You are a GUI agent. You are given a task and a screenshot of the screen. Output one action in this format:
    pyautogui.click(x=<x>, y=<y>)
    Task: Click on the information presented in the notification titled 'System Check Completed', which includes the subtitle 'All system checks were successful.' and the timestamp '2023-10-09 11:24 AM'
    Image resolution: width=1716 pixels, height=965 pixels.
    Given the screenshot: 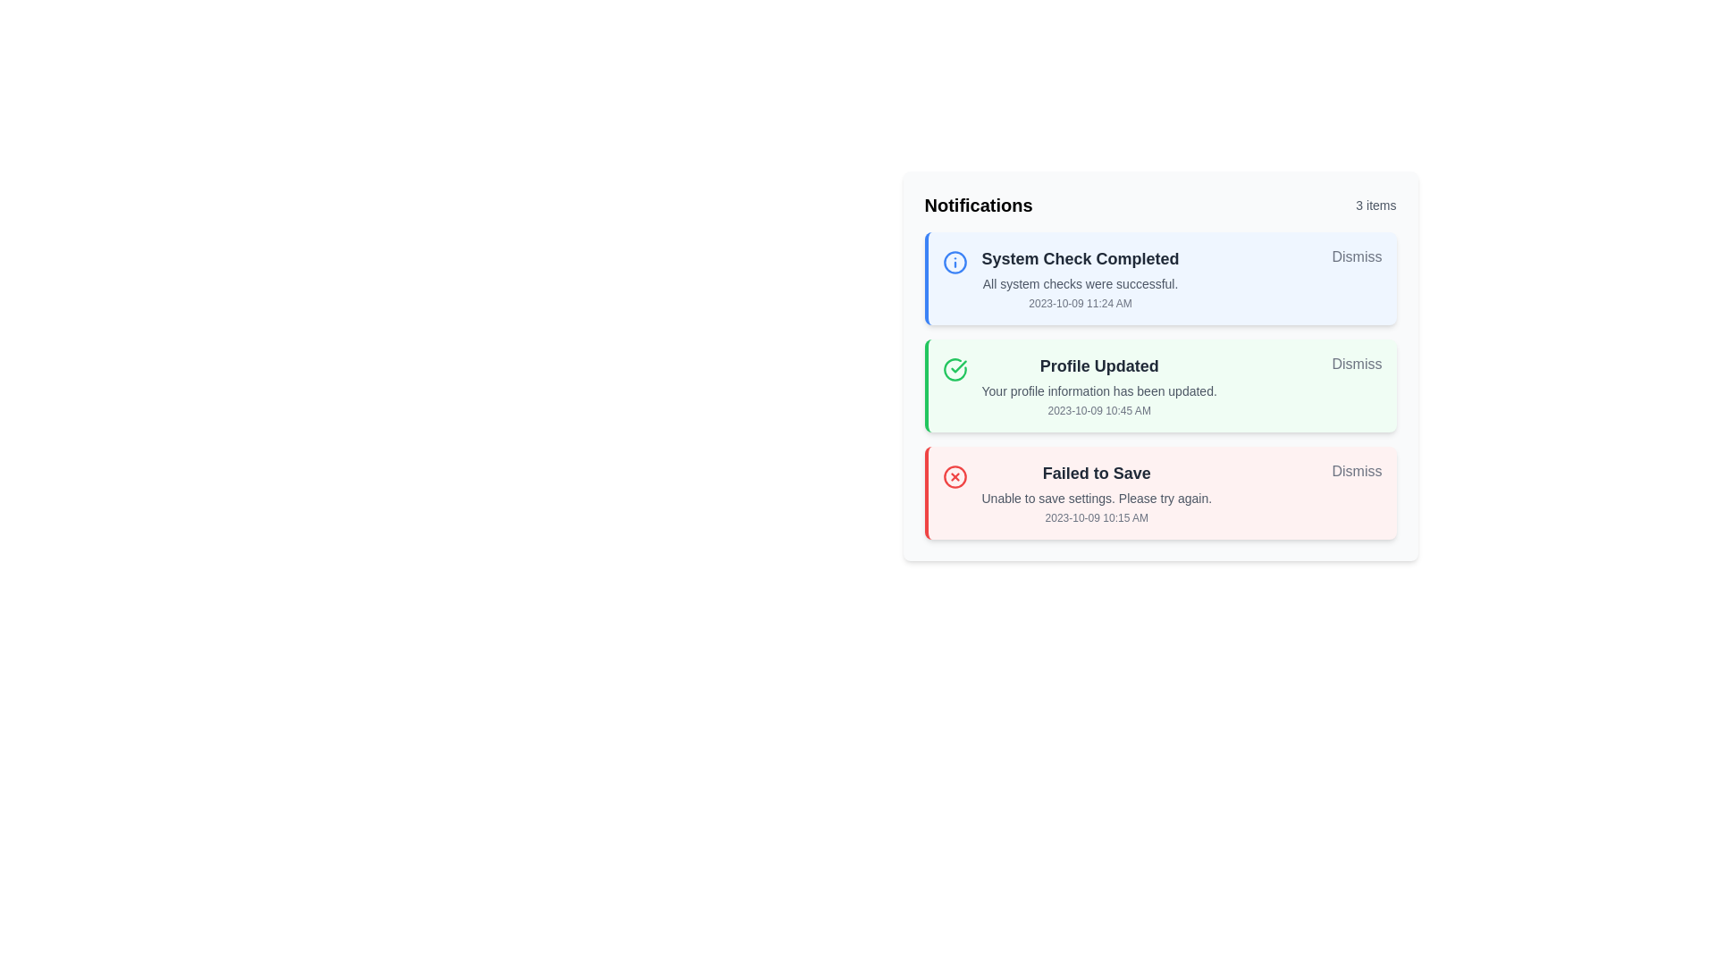 What is the action you would take?
    pyautogui.click(x=1080, y=279)
    